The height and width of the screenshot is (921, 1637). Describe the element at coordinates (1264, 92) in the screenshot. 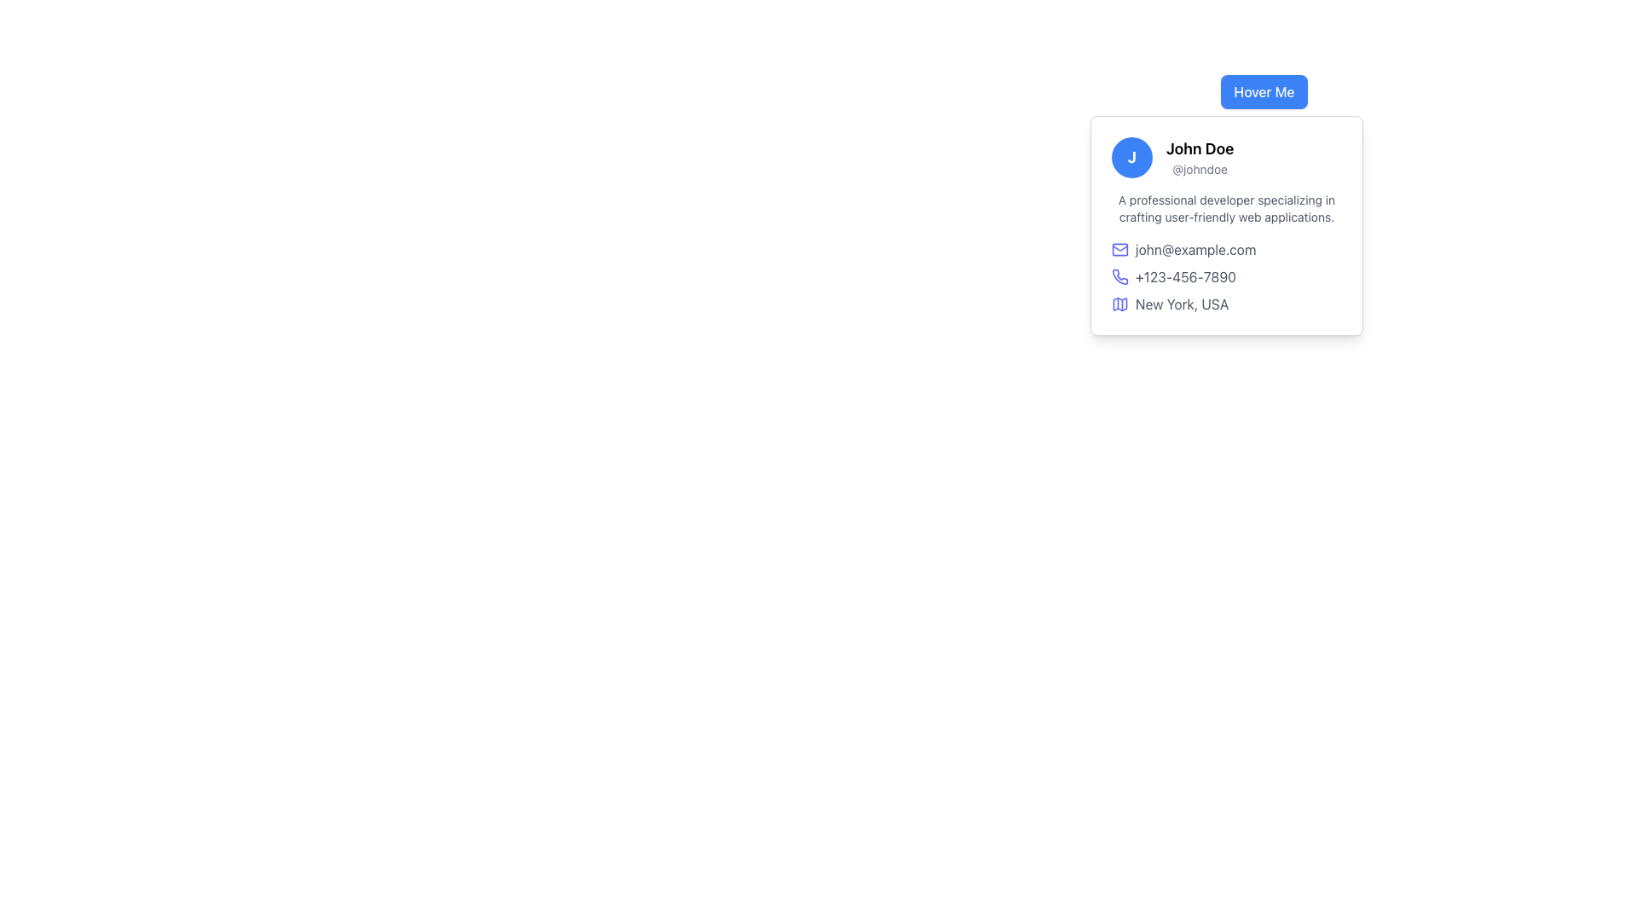

I see `the hover-trigger button located in the upper region of the interface, centered above the user profile card` at that location.